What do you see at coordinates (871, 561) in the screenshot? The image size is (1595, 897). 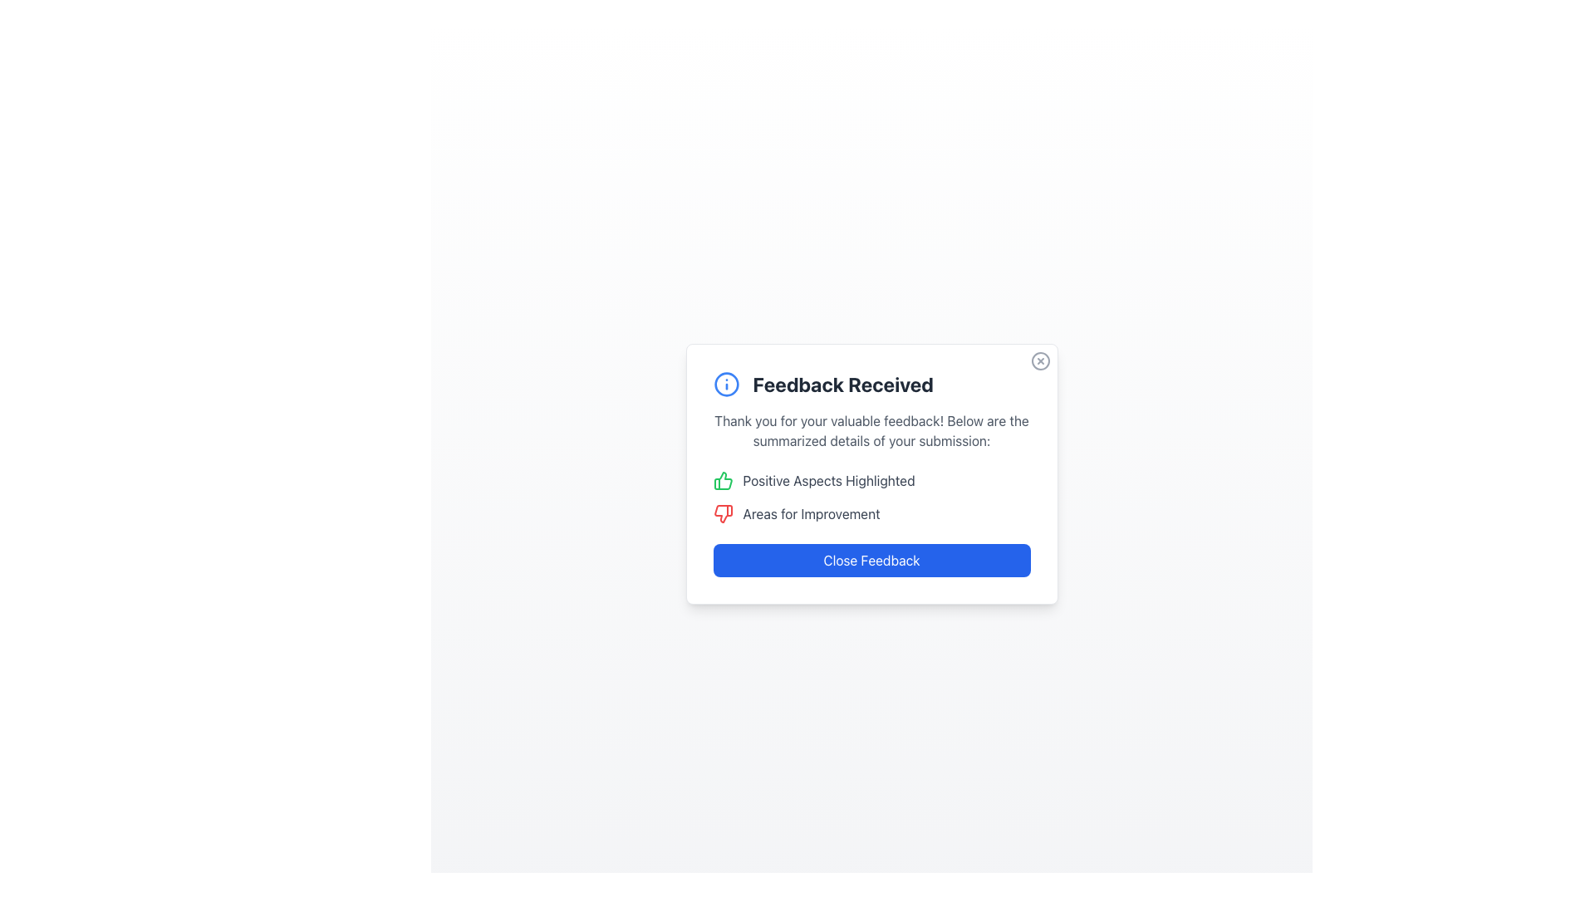 I see `the 'Close Feedback' button, which is a blue rectangular button with white bold text, located at the bottom of the feedback dialog` at bounding box center [871, 561].